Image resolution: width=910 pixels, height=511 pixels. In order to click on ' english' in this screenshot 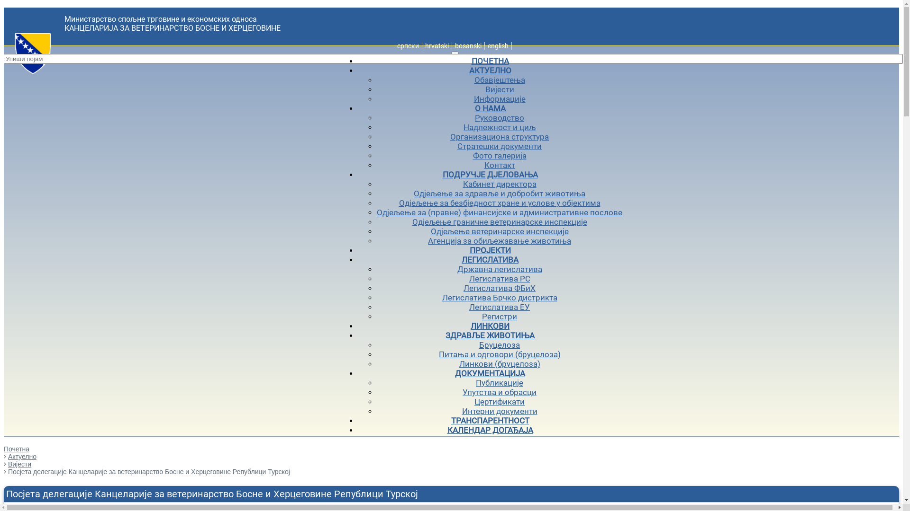, I will do `click(497, 45)`.